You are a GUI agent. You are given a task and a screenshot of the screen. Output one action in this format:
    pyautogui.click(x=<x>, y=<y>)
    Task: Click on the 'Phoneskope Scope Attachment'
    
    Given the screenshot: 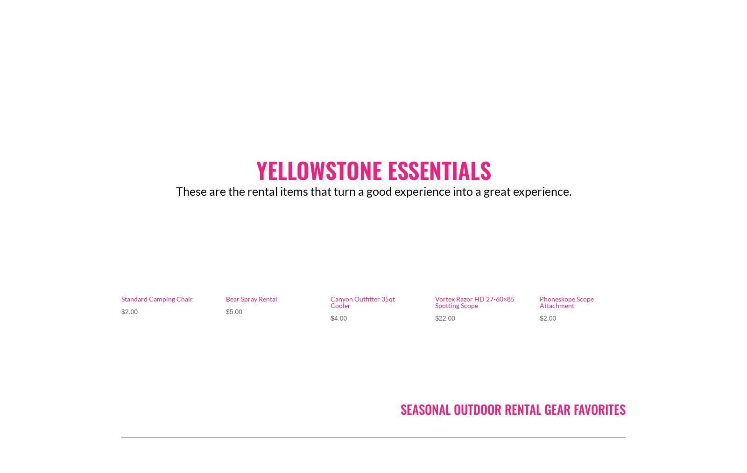 What is the action you would take?
    pyautogui.click(x=566, y=301)
    